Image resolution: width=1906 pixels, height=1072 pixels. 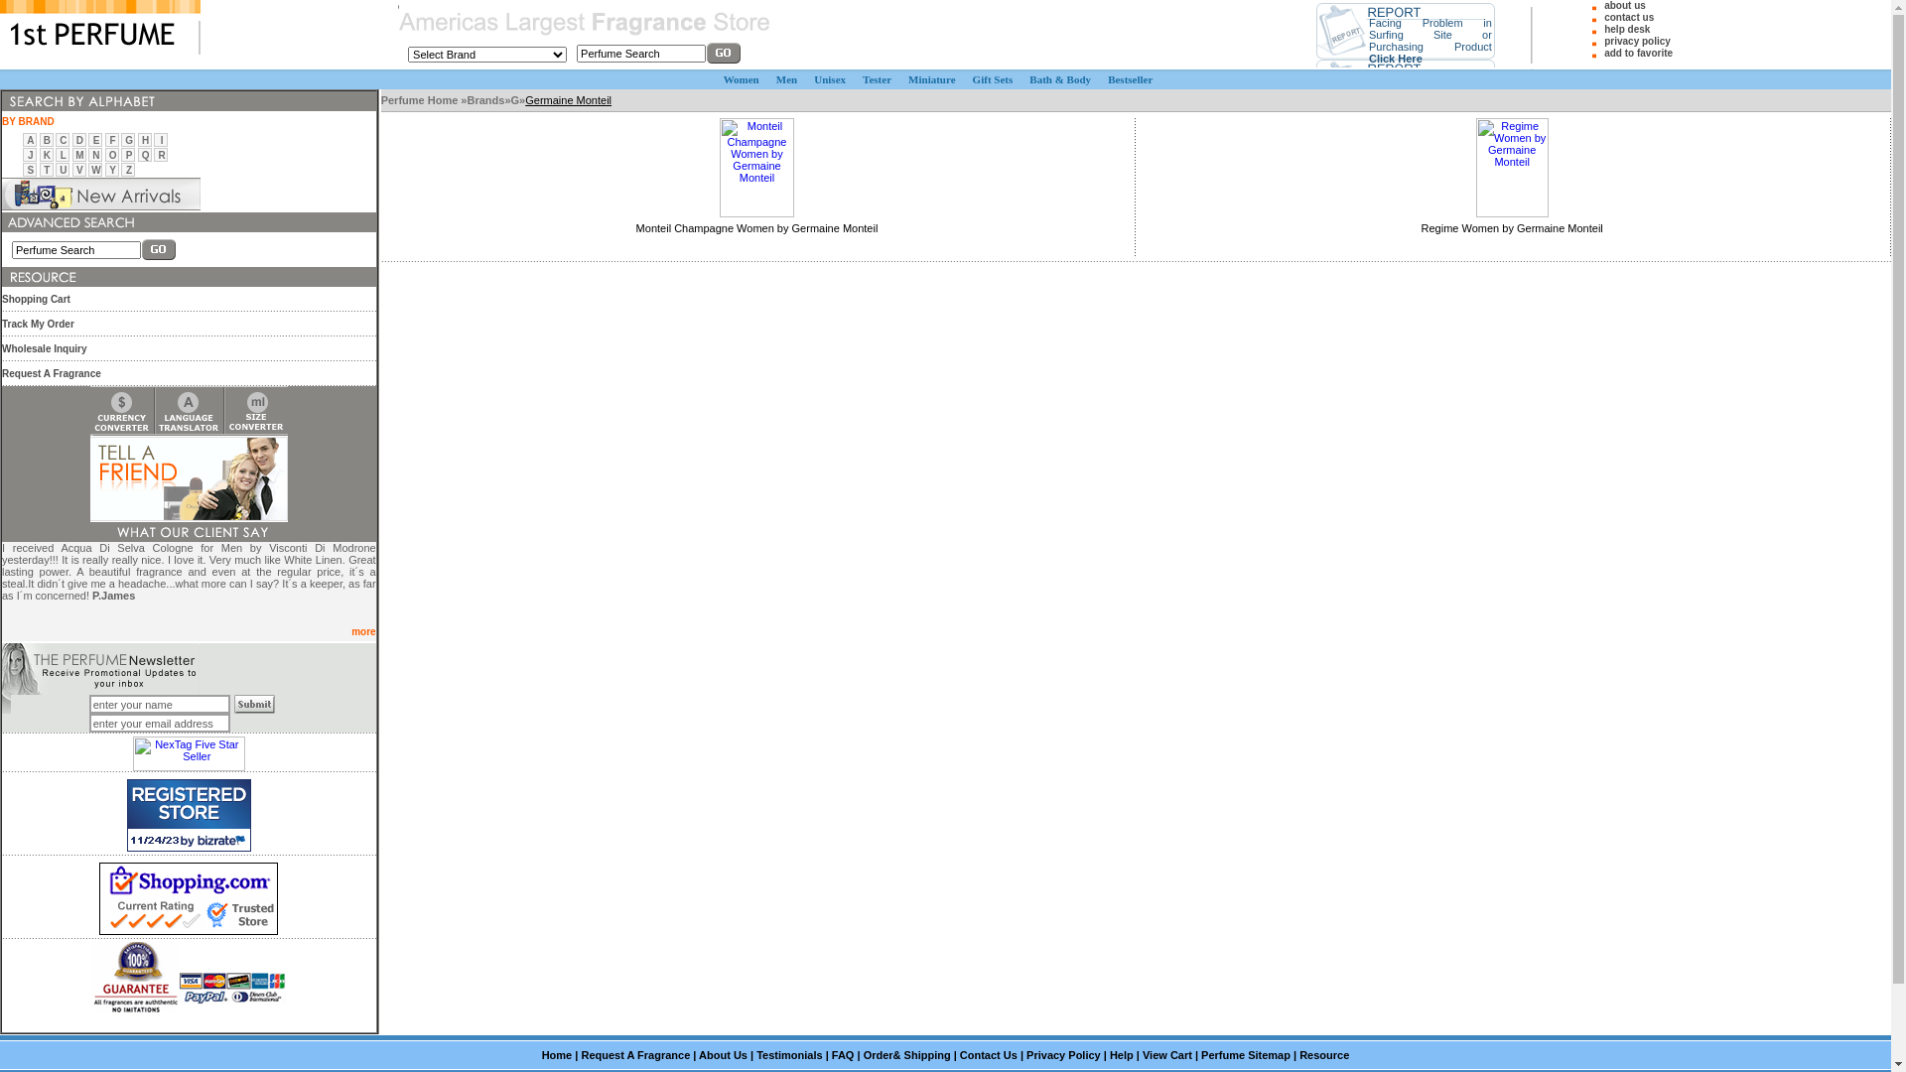 What do you see at coordinates (485, 99) in the screenshot?
I see `'Brands'` at bounding box center [485, 99].